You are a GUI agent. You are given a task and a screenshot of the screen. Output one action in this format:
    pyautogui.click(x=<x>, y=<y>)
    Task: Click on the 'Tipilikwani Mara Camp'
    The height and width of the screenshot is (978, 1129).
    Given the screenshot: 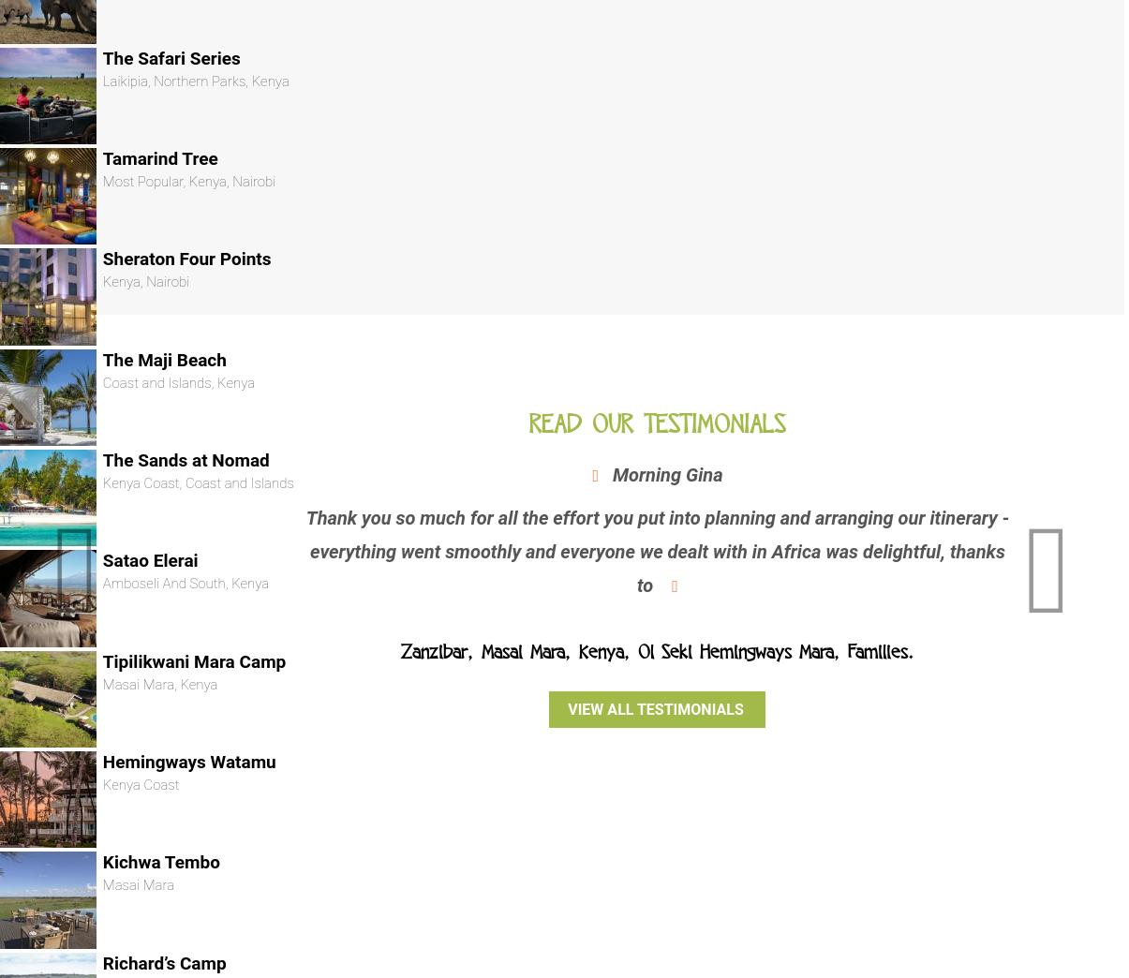 What is the action you would take?
    pyautogui.click(x=101, y=659)
    